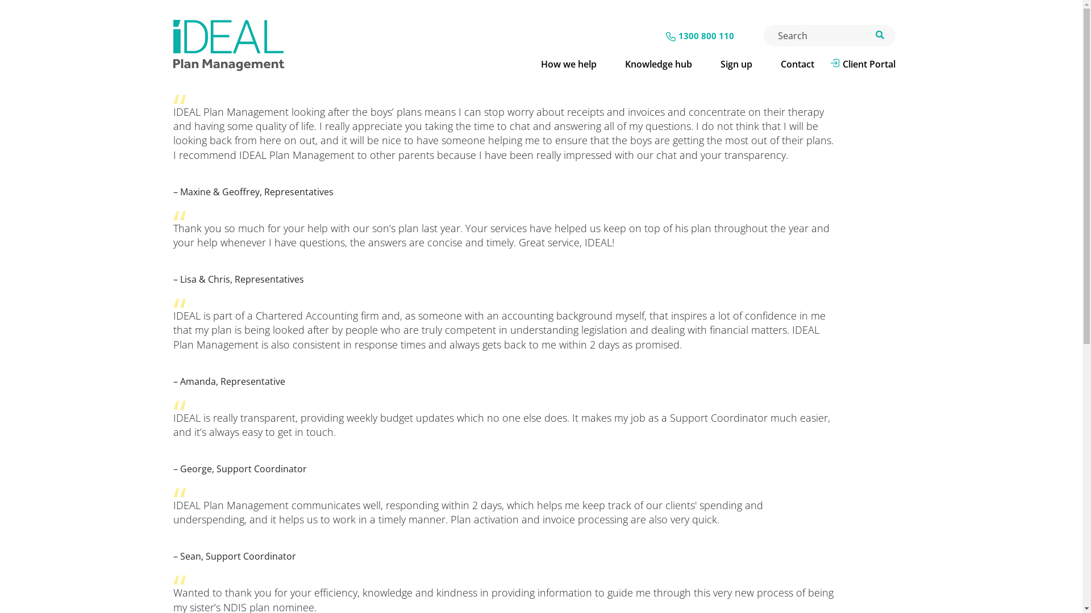  I want to click on 'Contact', so click(766, 64).